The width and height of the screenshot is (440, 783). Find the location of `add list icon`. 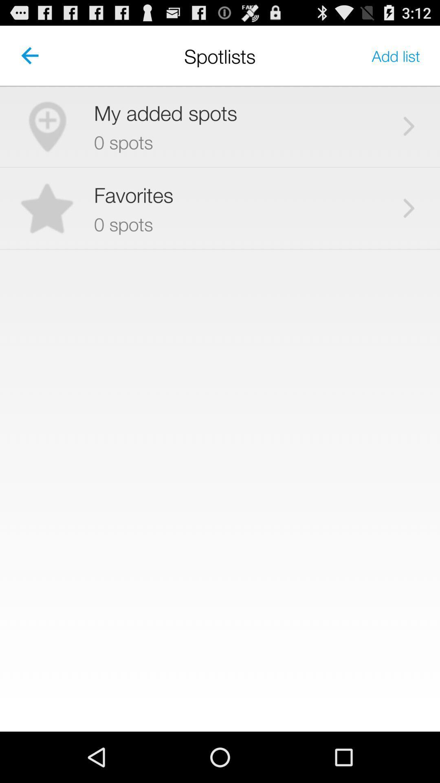

add list icon is located at coordinates (396, 55).